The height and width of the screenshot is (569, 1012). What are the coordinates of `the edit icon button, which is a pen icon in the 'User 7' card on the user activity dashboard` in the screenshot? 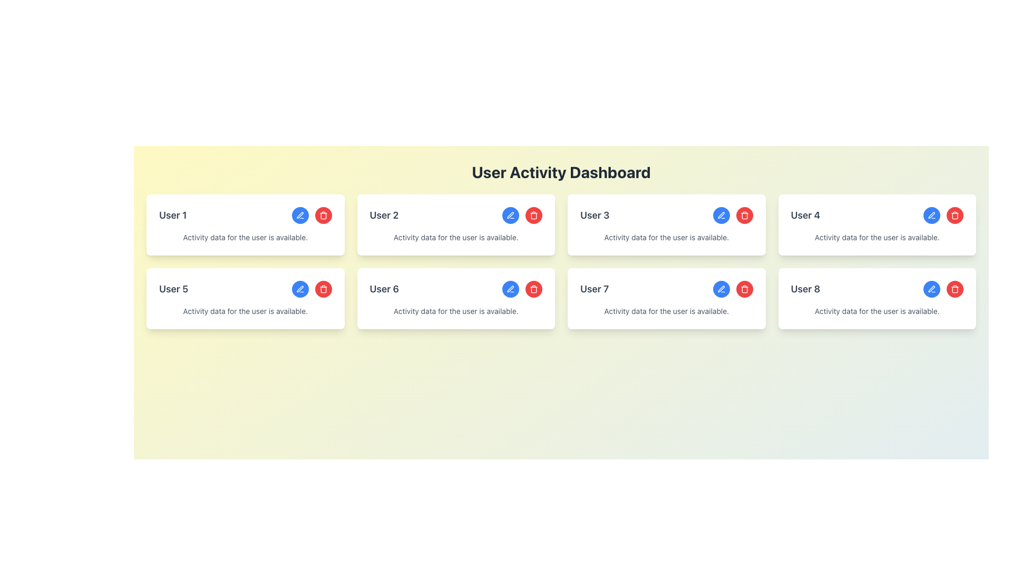 It's located at (721, 288).